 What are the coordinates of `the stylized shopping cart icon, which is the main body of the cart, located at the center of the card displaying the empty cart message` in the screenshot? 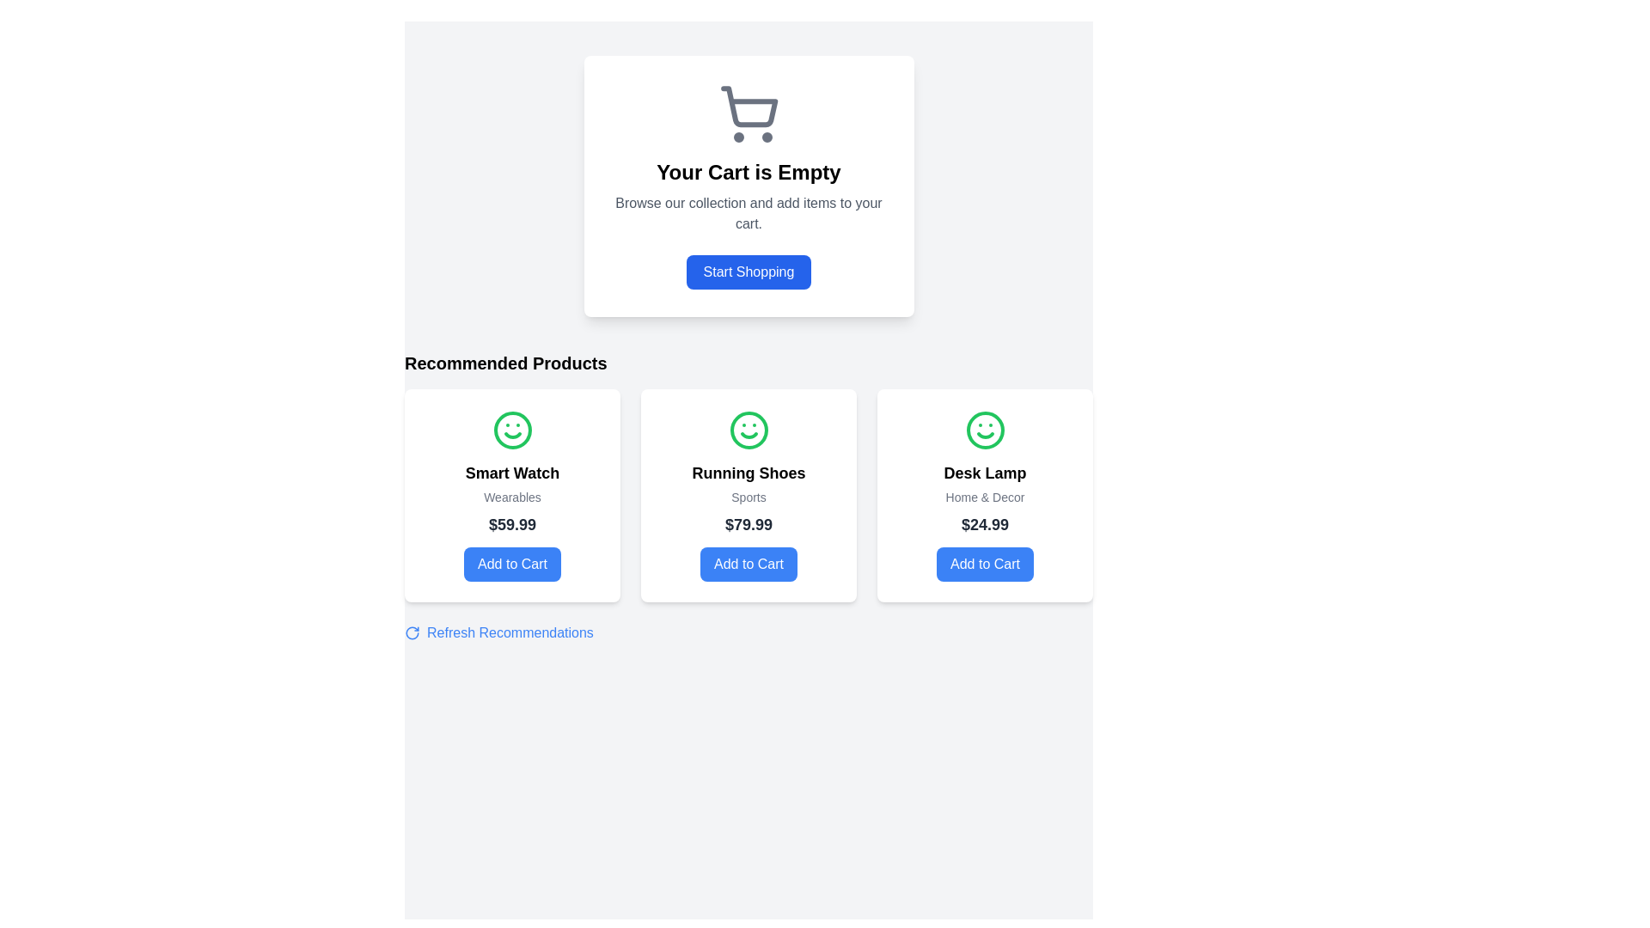 It's located at (749, 107).